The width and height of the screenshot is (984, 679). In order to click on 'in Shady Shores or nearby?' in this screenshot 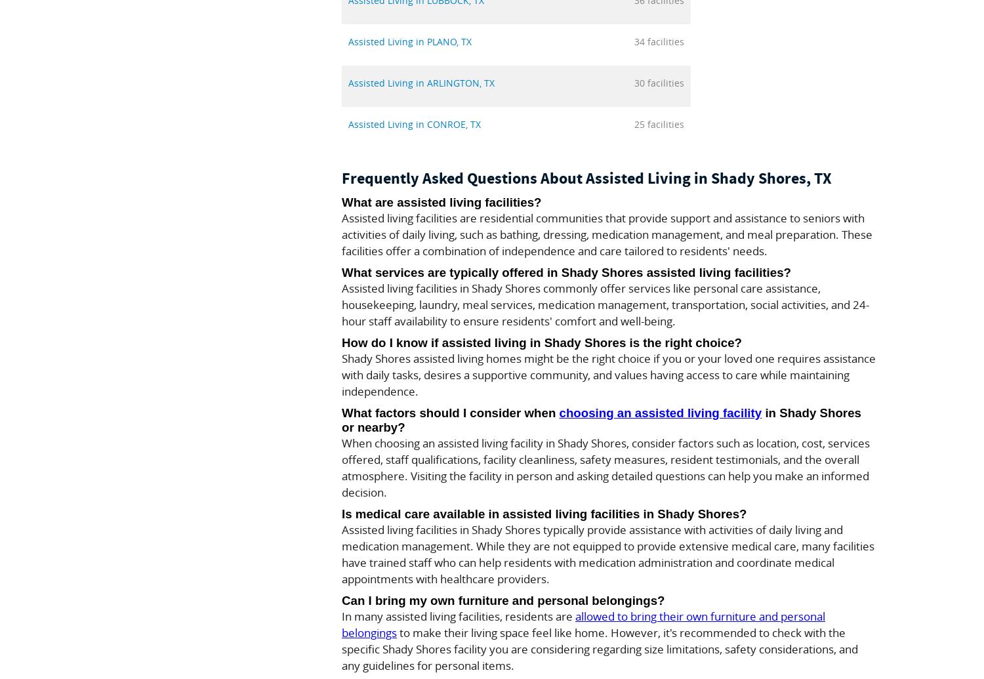, I will do `click(601, 419)`.